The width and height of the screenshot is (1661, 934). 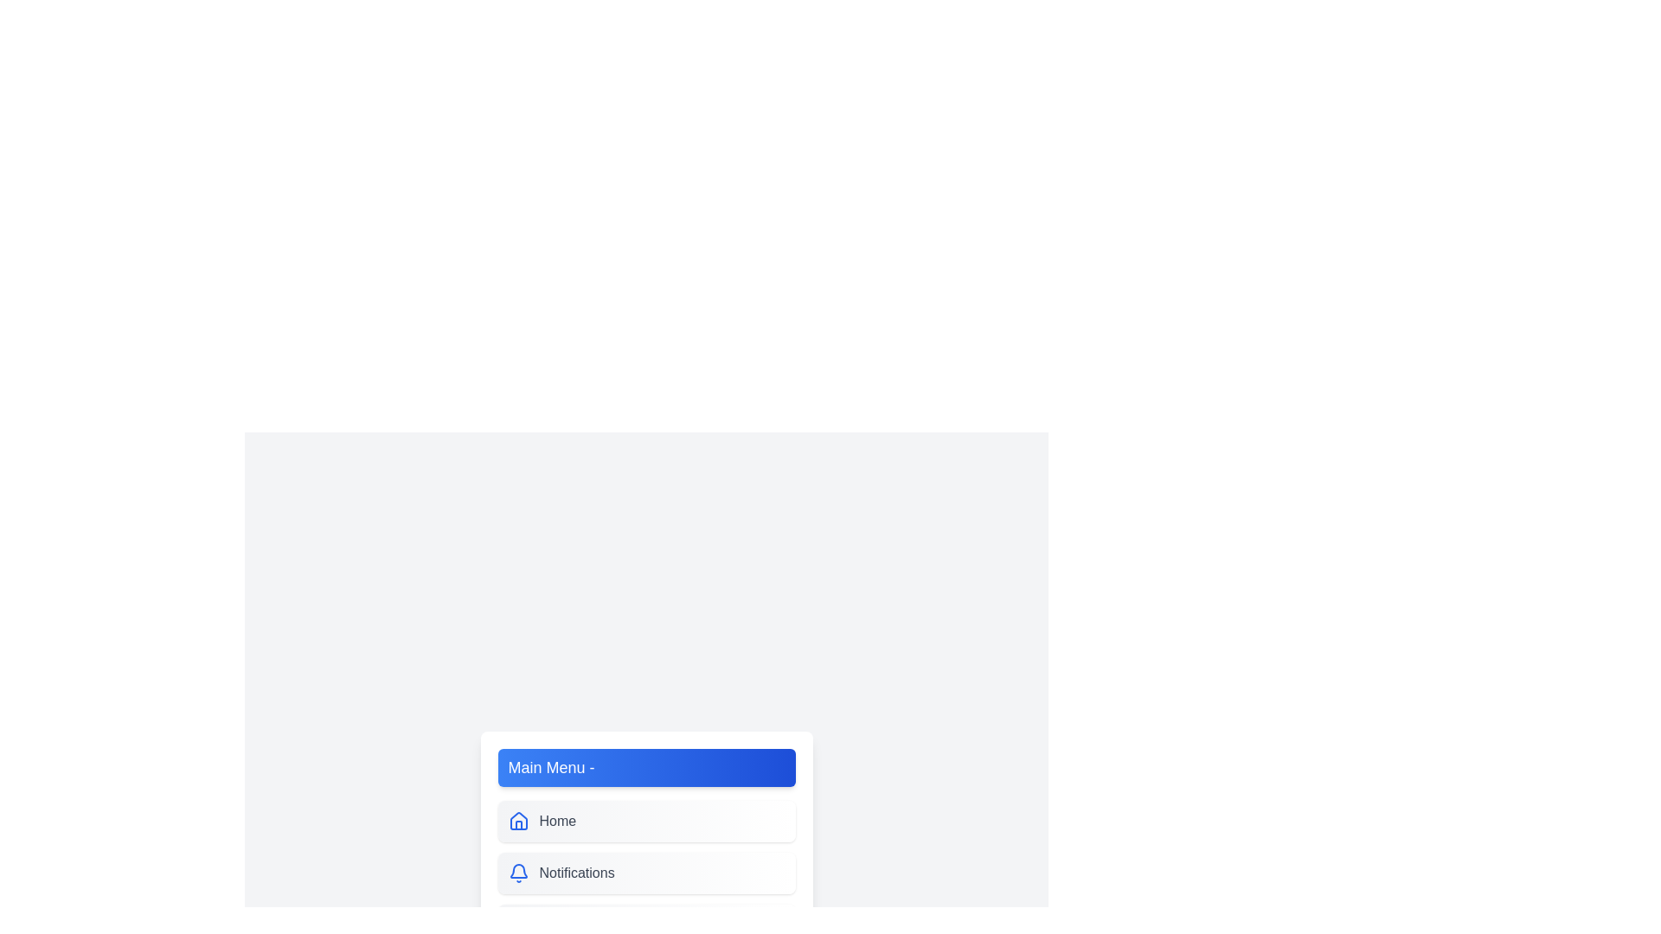 I want to click on the menu item Notifications, so click(x=645, y=873).